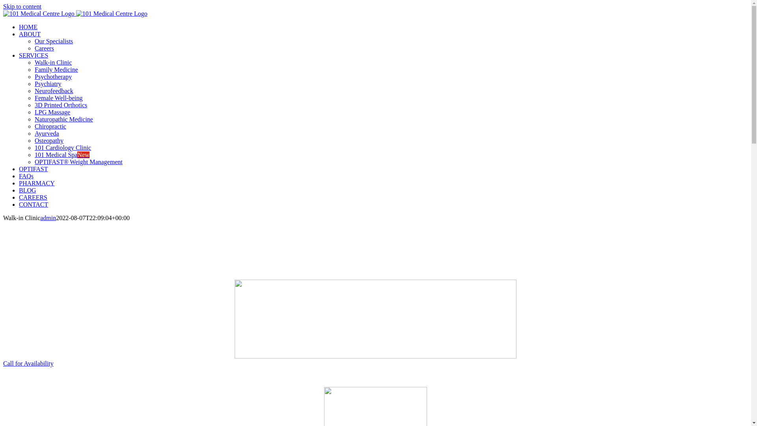 The height and width of the screenshot is (426, 757). Describe the element at coordinates (34, 90) in the screenshot. I see `'Neurofeedback'` at that location.